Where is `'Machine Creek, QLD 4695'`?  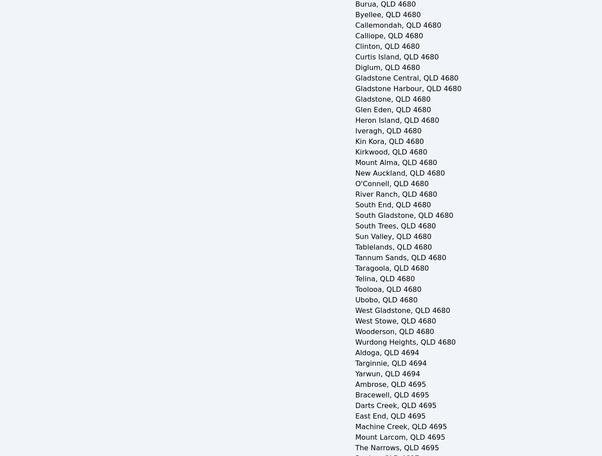 'Machine Creek, QLD 4695' is located at coordinates (401, 427).